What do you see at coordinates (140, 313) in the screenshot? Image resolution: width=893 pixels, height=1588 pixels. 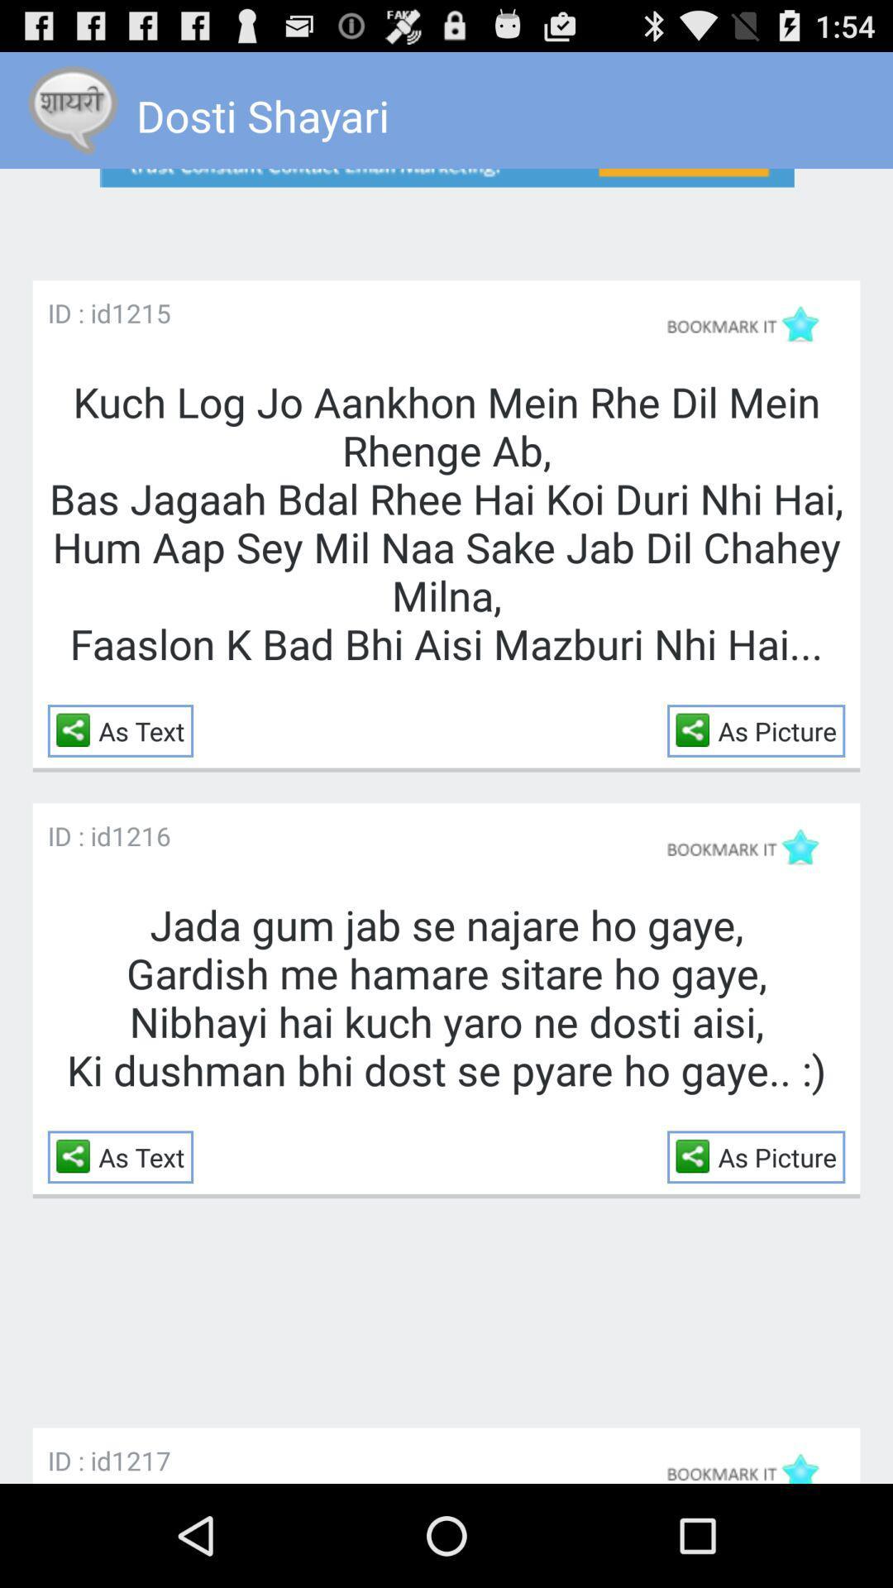 I see `item next to id : id` at bounding box center [140, 313].